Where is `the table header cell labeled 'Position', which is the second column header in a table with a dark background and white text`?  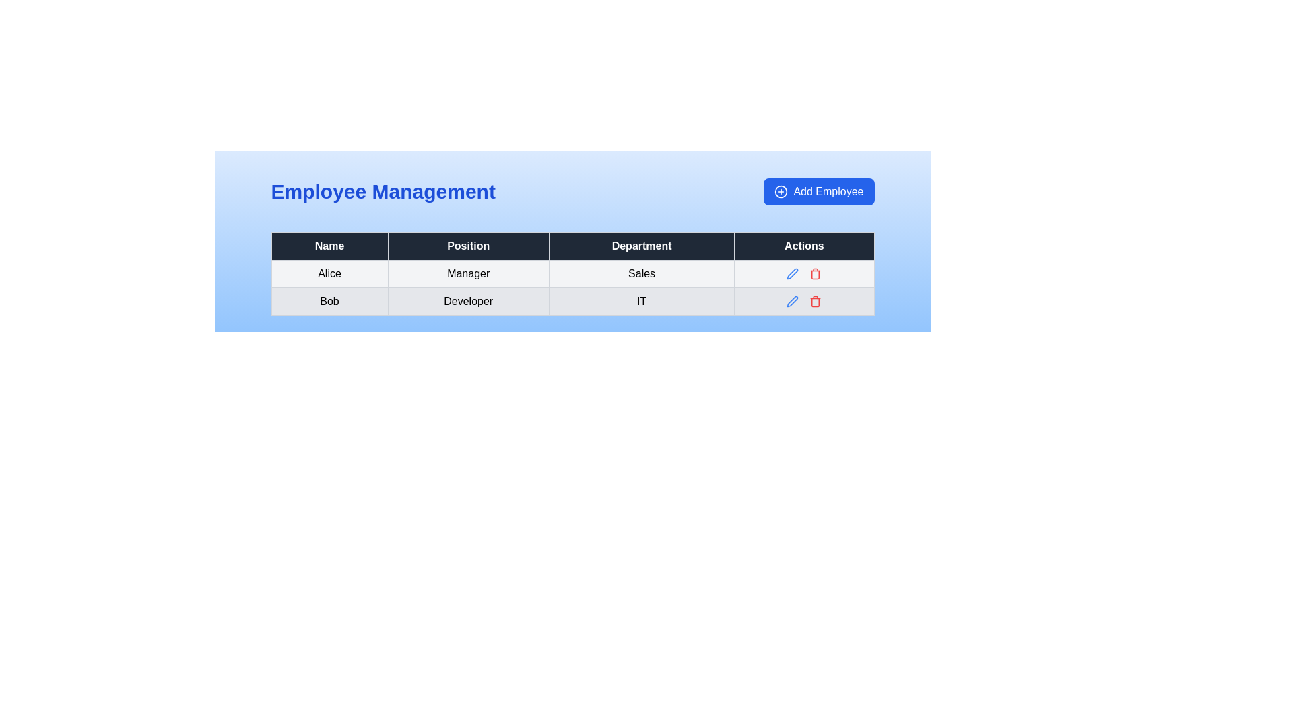
the table header cell labeled 'Position', which is the second column header in a table with a dark background and white text is located at coordinates (468, 246).